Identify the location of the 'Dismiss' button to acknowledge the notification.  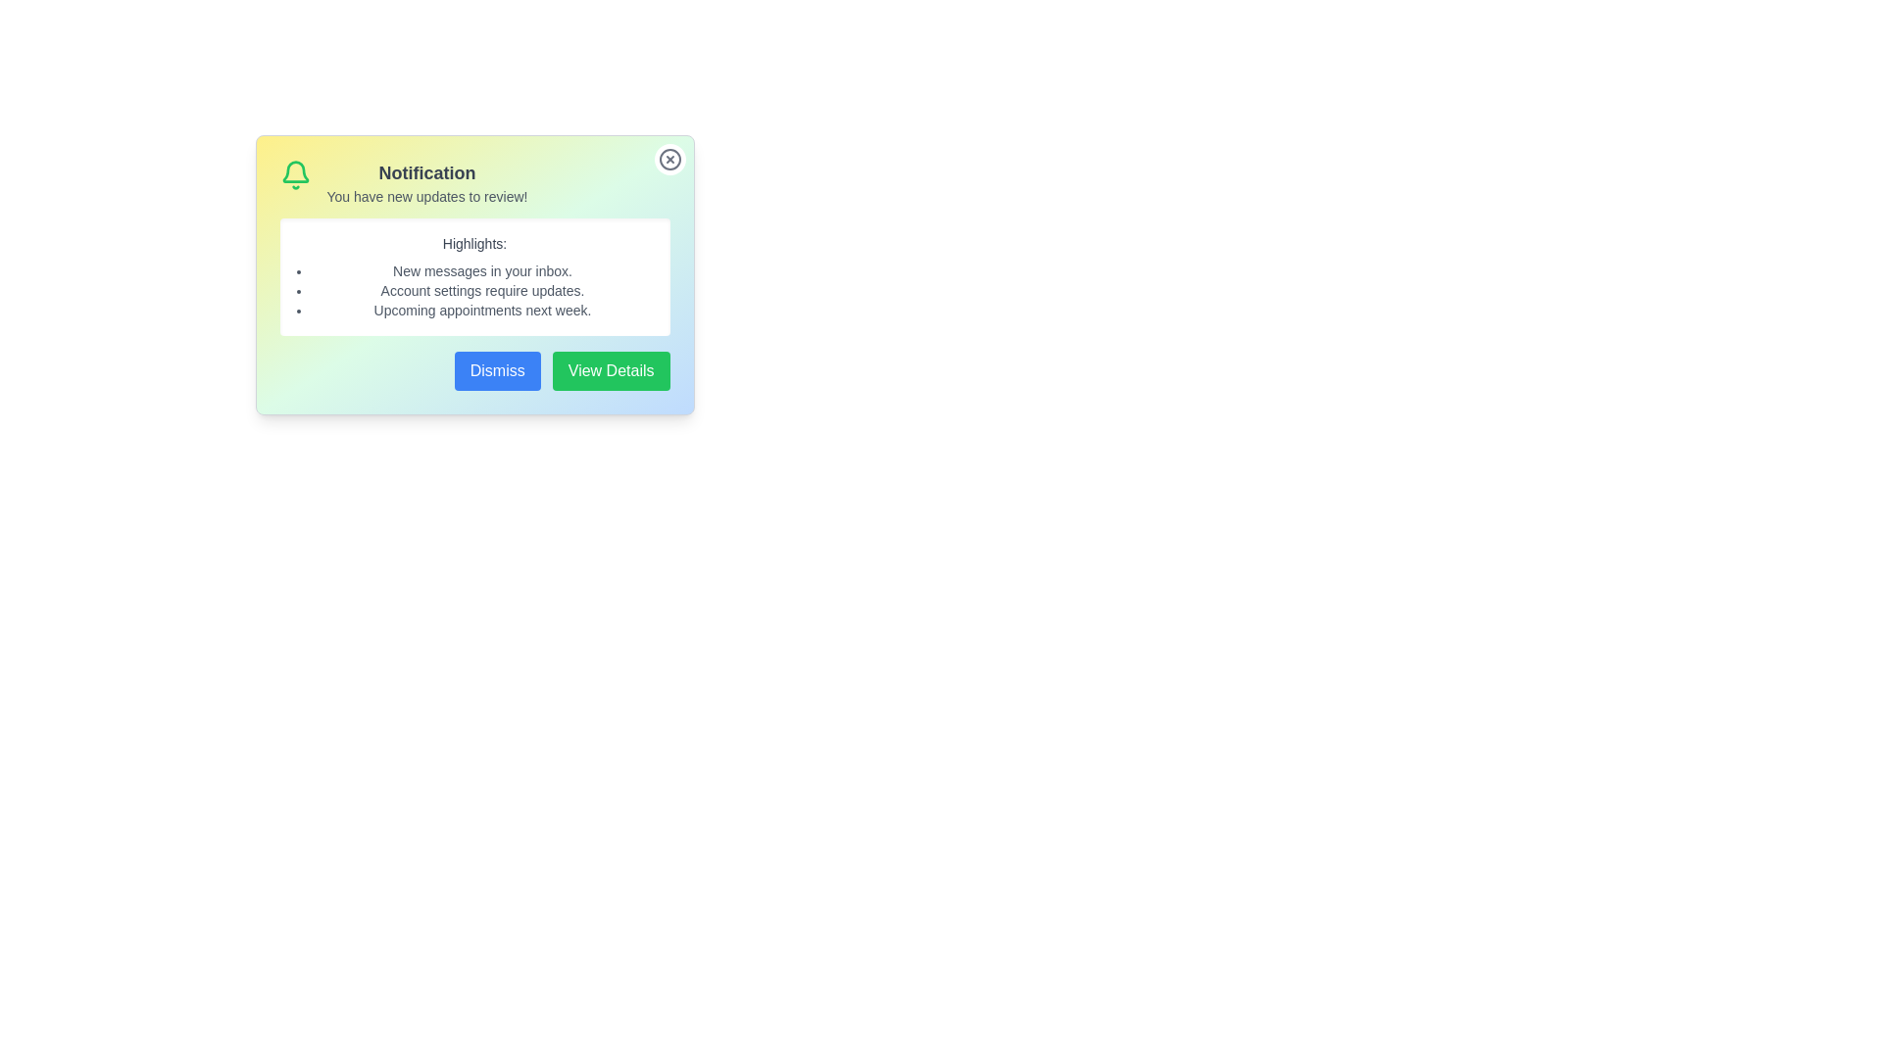
(497, 370).